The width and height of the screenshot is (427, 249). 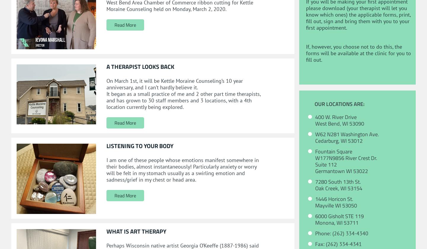 What do you see at coordinates (326, 164) in the screenshot?
I see `'Suite 112'` at bounding box center [326, 164].